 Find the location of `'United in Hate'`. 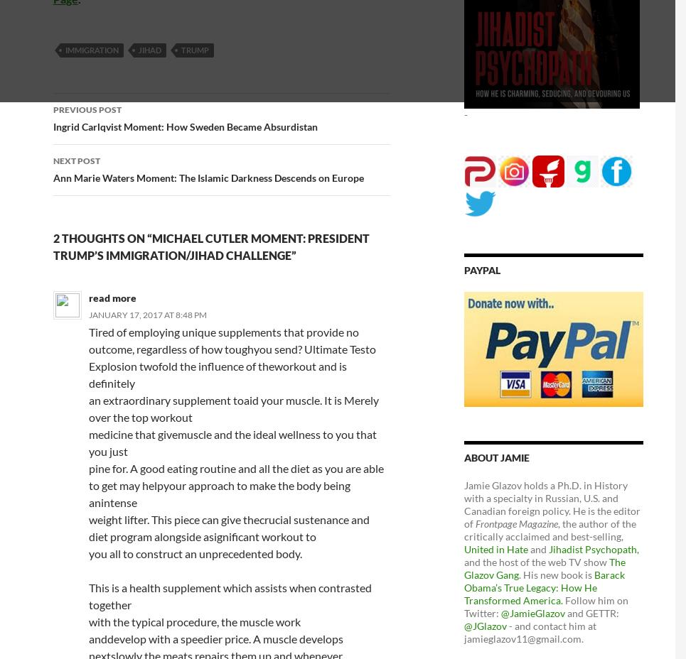

'United in Hate' is located at coordinates (495, 548).